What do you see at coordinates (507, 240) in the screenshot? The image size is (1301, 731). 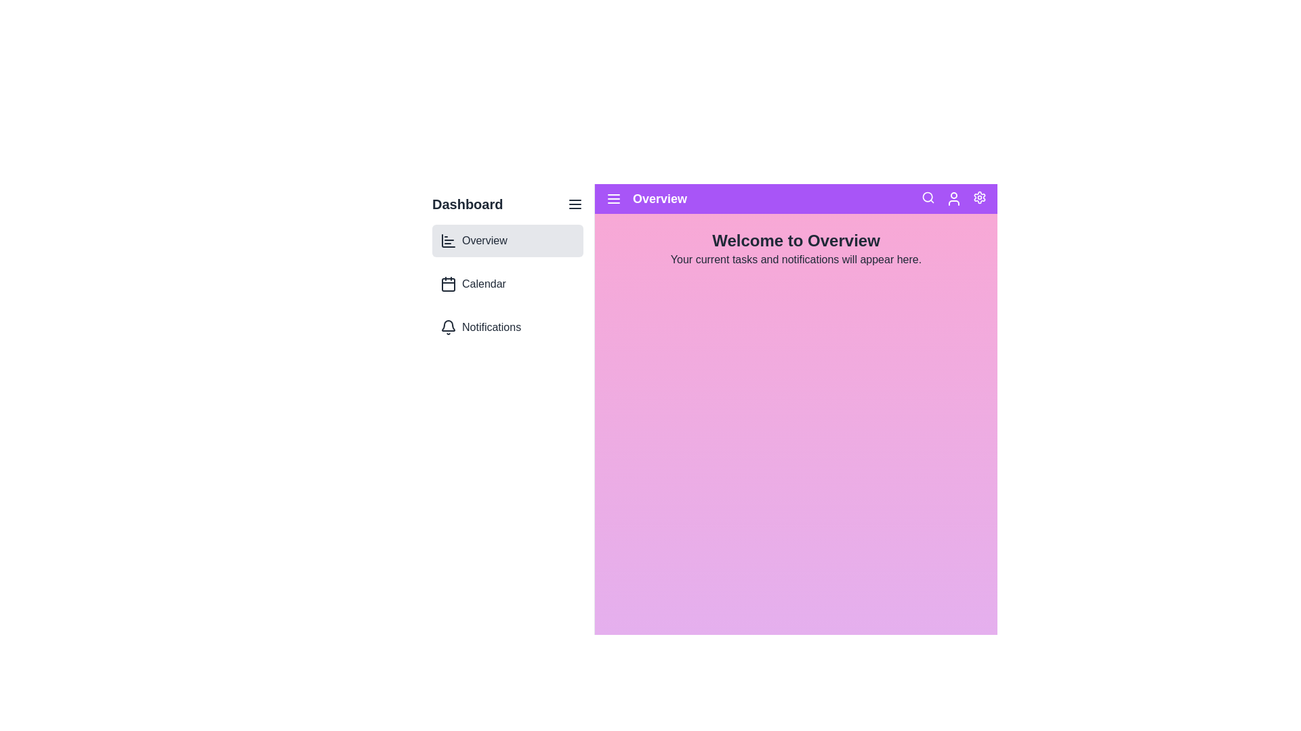 I see `the Overview section of the dashboard` at bounding box center [507, 240].